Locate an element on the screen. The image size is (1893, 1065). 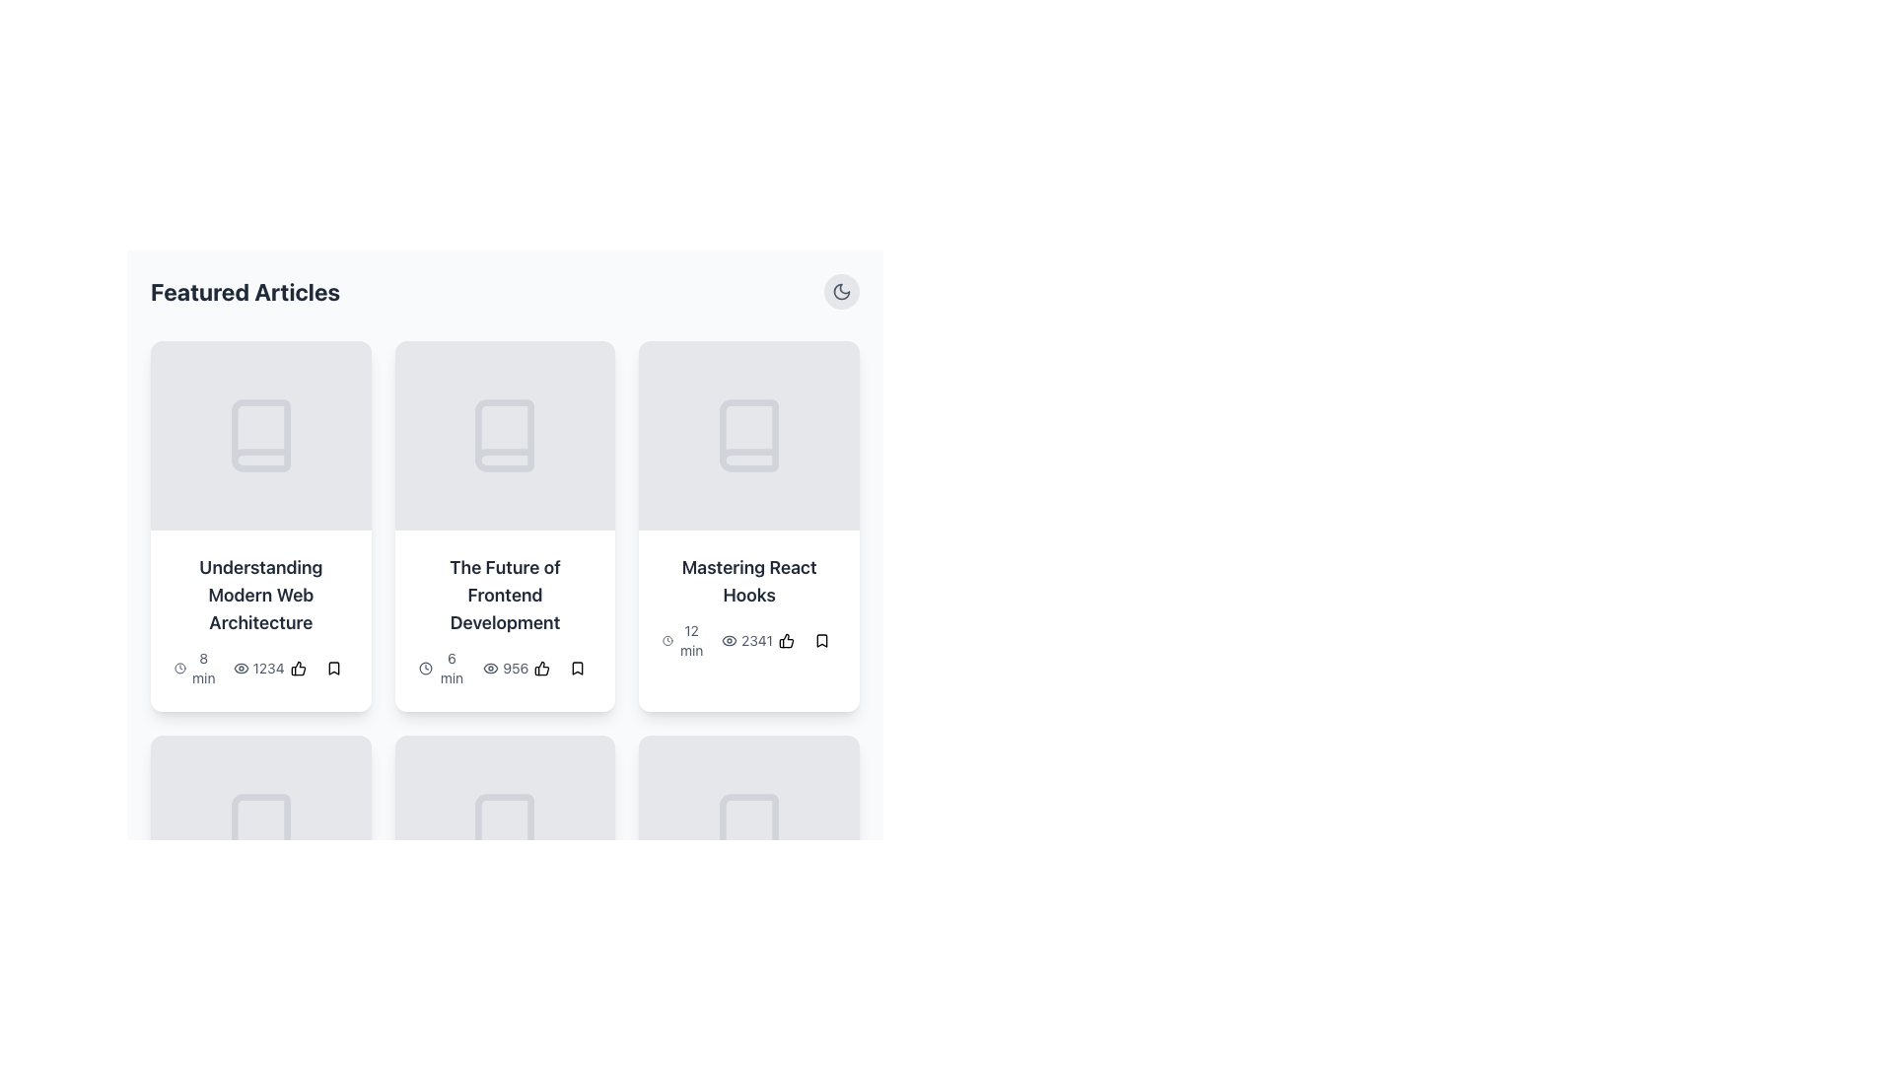
the 'like' button located in the footer of the card titled 'The Future of Frontend Development', positioned to the right of the view count label displaying '956' is located at coordinates (542, 668).